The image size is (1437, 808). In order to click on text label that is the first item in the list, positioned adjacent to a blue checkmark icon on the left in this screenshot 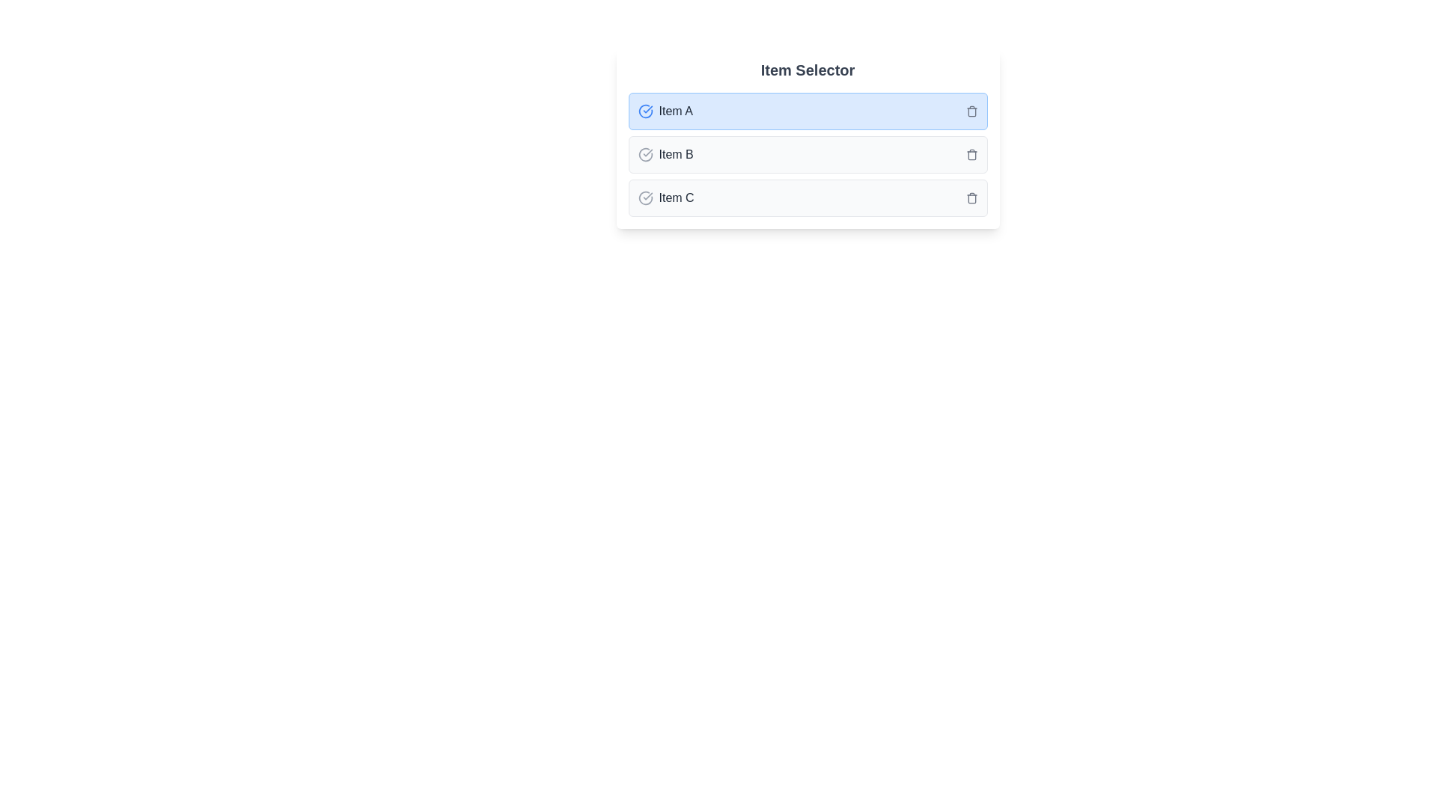, I will do `click(664, 111)`.